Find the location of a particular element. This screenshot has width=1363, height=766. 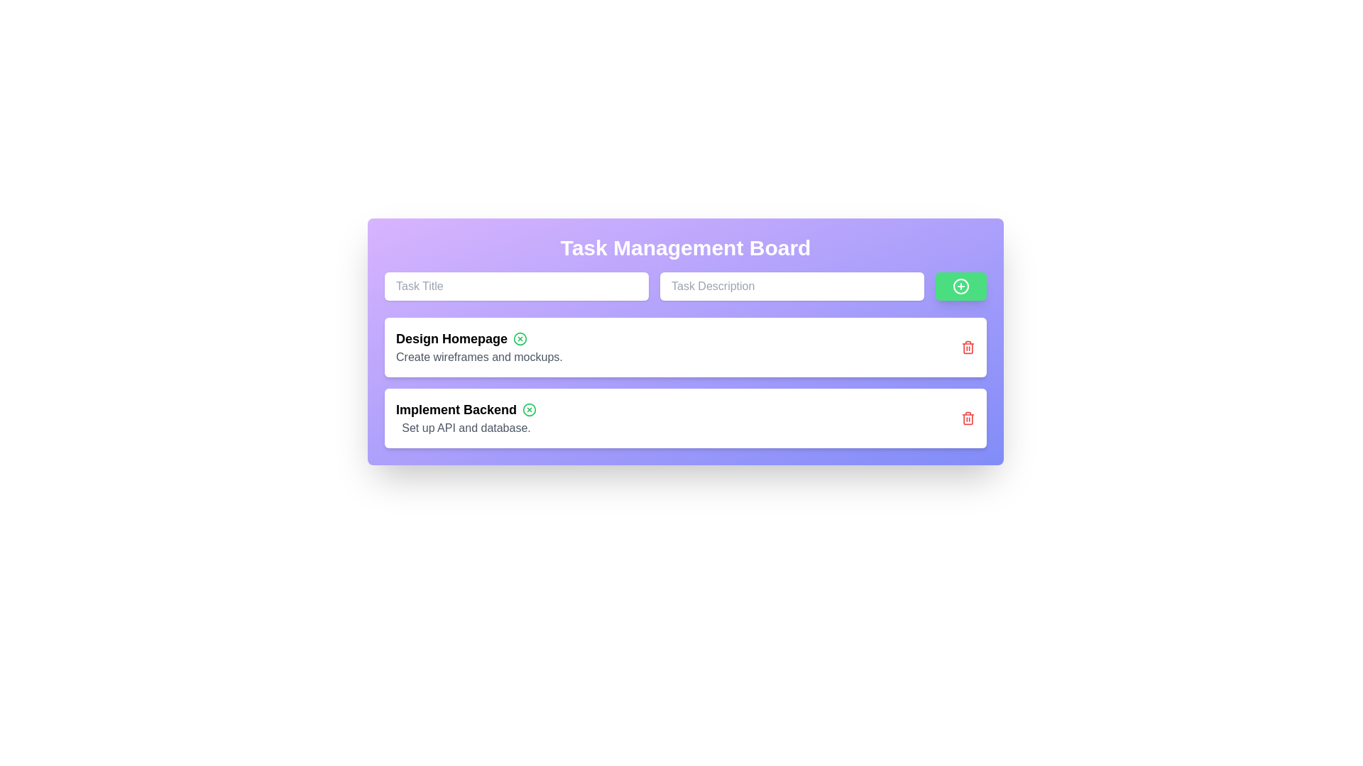

the rectangular button with a green background and plus sign icon to observe its hover effects is located at coordinates (960, 287).